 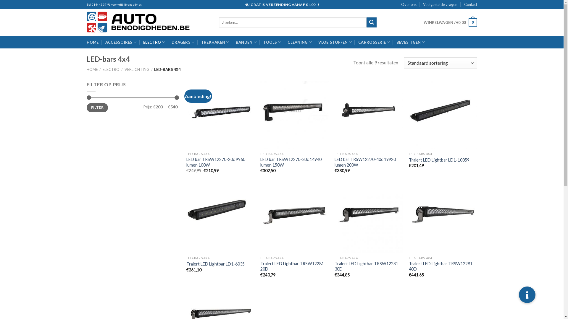 What do you see at coordinates (171, 42) in the screenshot?
I see `'DRAGERS'` at bounding box center [171, 42].